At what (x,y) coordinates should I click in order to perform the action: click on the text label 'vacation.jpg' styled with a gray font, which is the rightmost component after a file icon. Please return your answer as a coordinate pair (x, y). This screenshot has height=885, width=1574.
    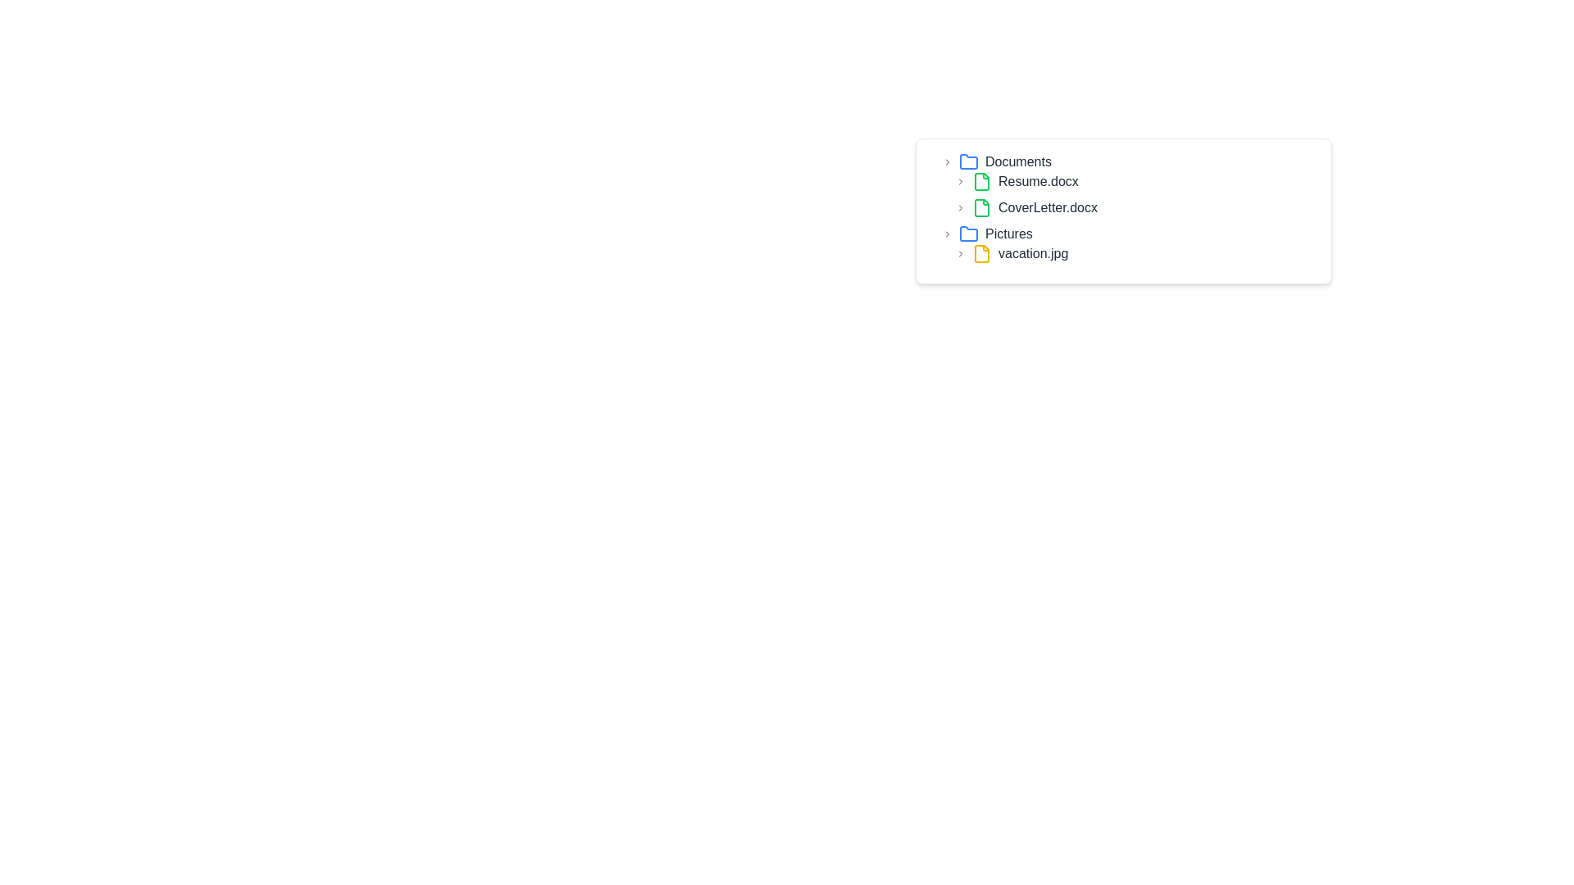
    Looking at the image, I should click on (1031, 253).